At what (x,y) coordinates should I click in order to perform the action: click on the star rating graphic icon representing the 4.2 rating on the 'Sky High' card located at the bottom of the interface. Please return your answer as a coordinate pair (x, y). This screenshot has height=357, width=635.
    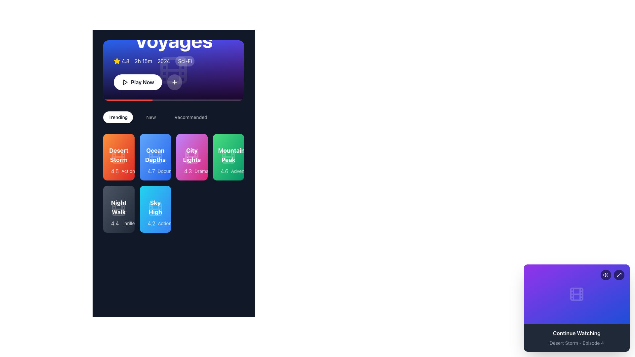
    Looking at the image, I should click on (148, 224).